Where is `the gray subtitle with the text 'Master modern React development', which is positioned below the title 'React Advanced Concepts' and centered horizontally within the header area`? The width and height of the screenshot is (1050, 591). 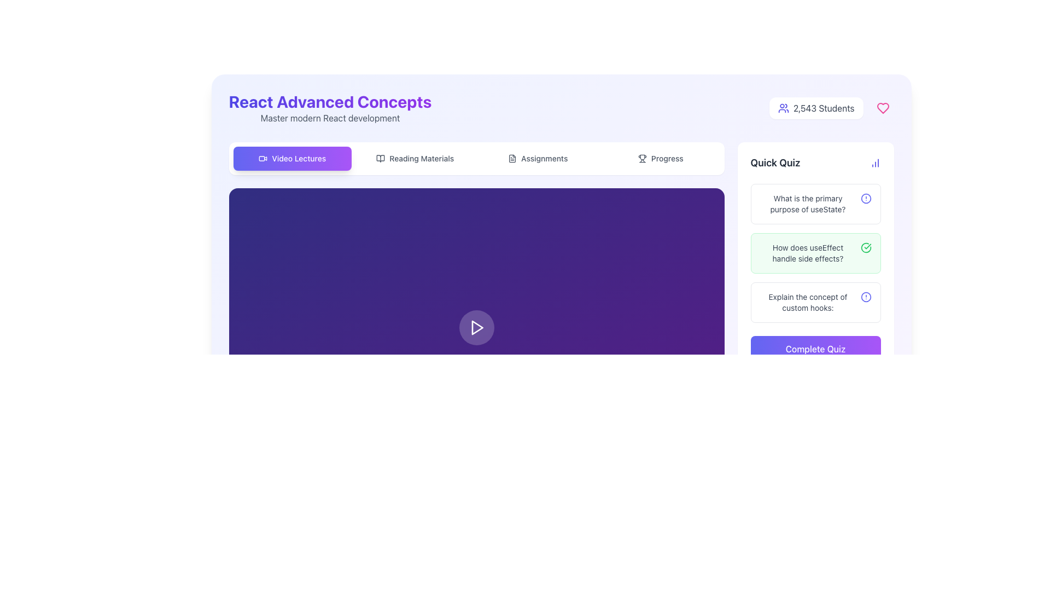 the gray subtitle with the text 'Master modern React development', which is positioned below the title 'React Advanced Concepts' and centered horizontally within the header area is located at coordinates (330, 118).